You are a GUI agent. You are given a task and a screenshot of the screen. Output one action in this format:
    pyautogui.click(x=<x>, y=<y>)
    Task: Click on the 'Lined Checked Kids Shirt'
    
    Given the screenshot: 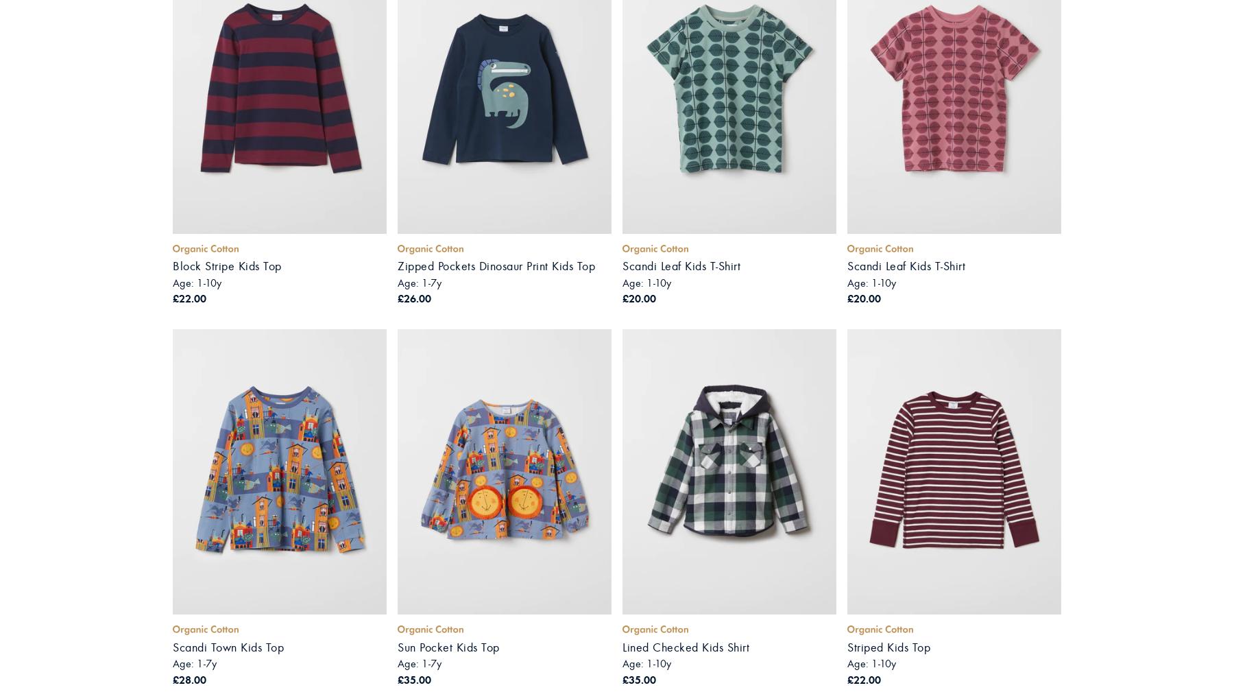 What is the action you would take?
    pyautogui.click(x=621, y=647)
    